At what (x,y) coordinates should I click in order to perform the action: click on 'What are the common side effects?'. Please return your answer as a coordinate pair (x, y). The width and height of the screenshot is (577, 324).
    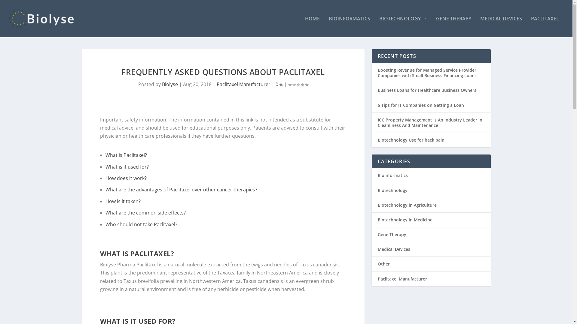
    Looking at the image, I should click on (145, 212).